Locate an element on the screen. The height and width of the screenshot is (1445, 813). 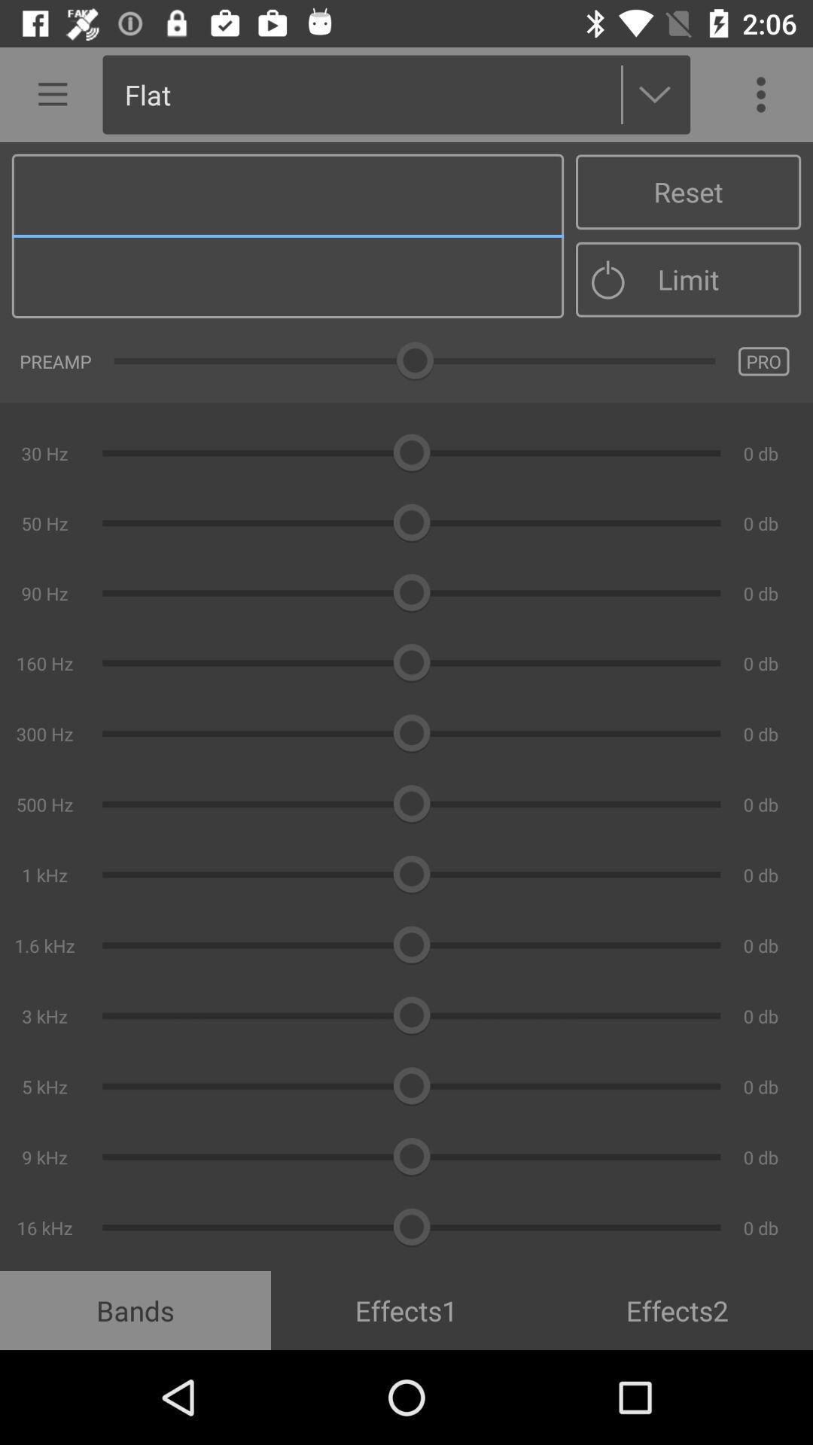
volume equalizer is located at coordinates (406, 706).